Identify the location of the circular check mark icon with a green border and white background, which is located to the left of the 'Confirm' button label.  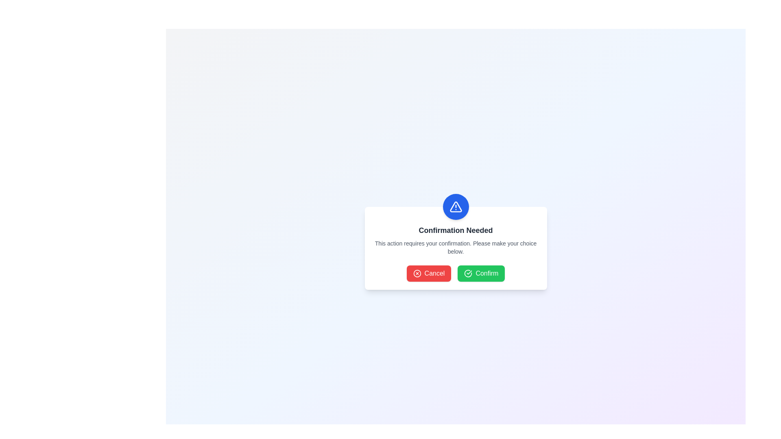
(468, 273).